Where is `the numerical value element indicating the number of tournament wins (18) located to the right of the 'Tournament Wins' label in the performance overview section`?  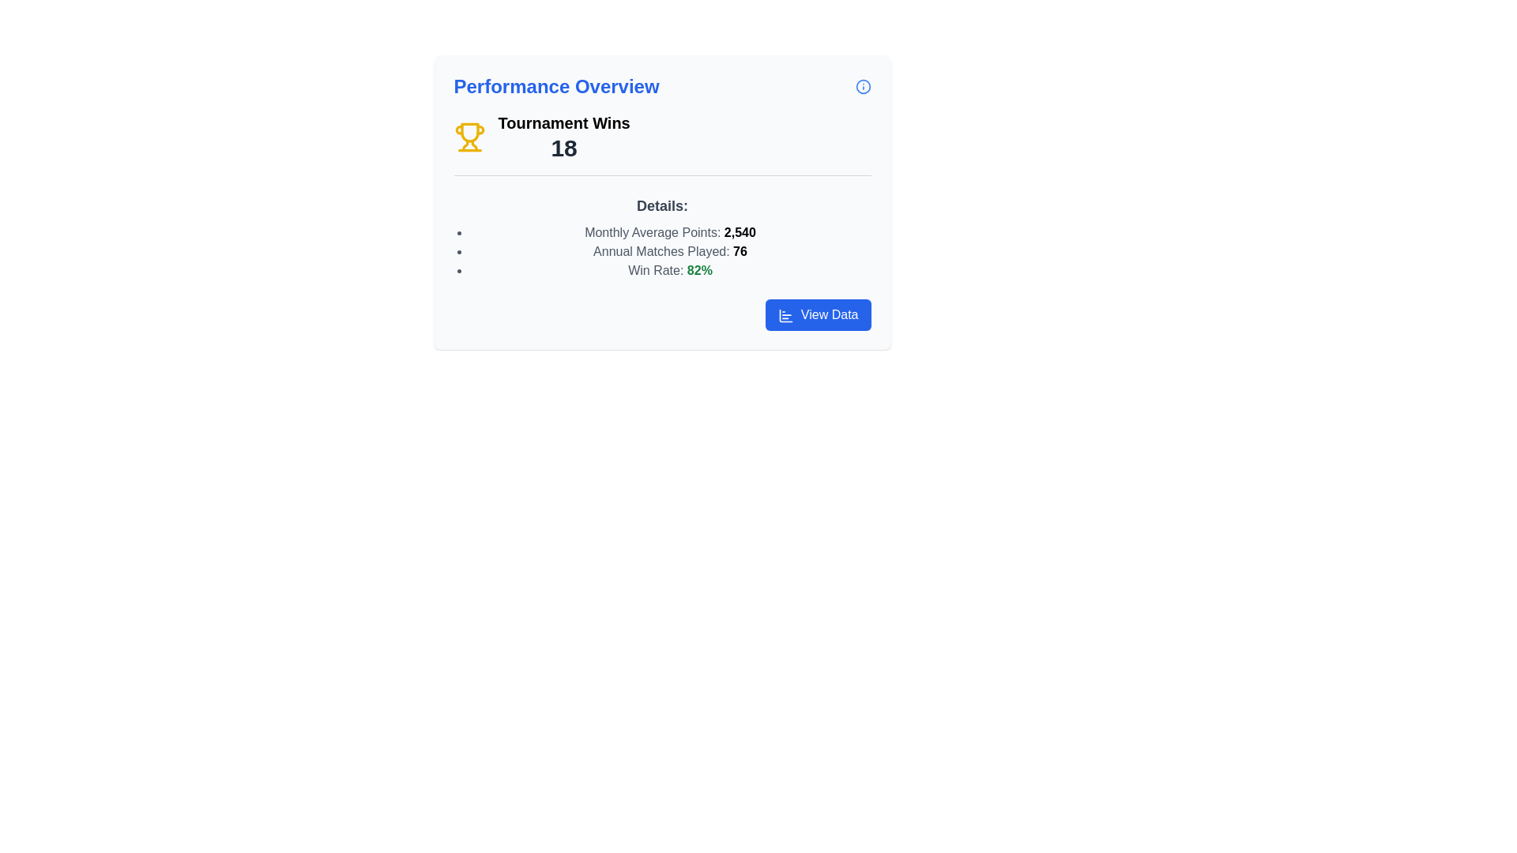 the numerical value element indicating the number of tournament wins (18) located to the right of the 'Tournament Wins' label in the performance overview section is located at coordinates (564, 148).